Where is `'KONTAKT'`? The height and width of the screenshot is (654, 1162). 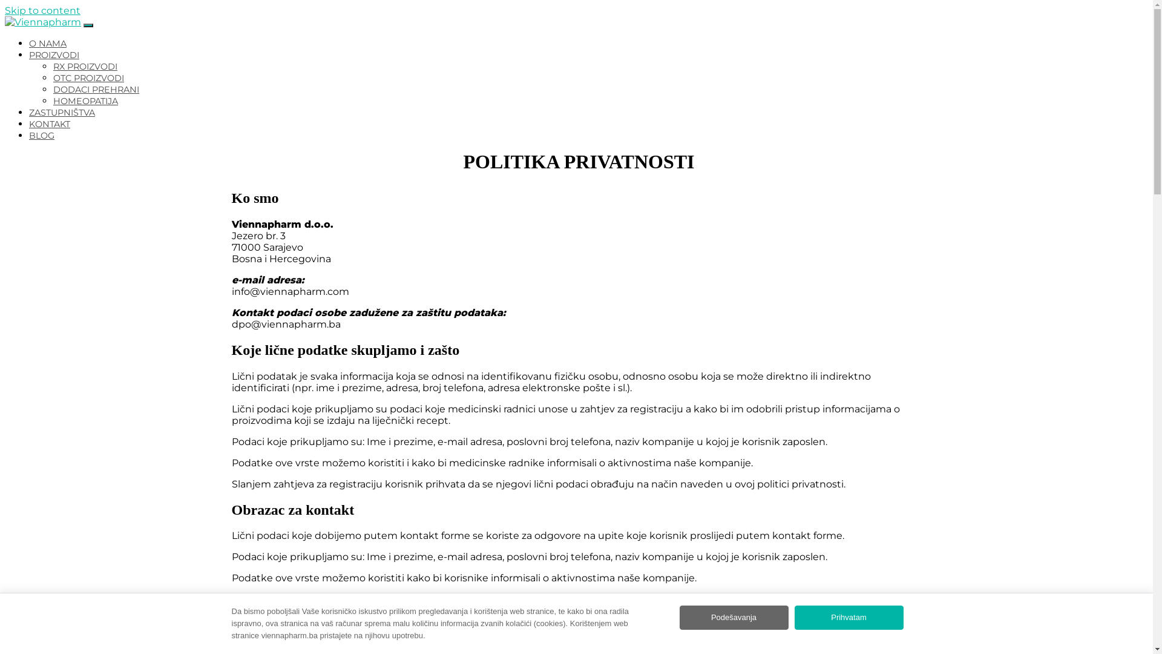 'KONTAKT' is located at coordinates (48, 124).